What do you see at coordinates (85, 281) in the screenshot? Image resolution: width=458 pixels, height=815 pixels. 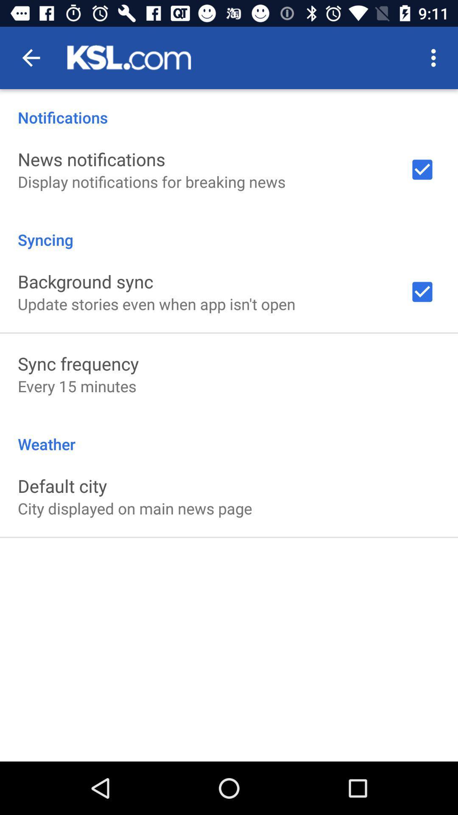 I see `item below syncing item` at bounding box center [85, 281].